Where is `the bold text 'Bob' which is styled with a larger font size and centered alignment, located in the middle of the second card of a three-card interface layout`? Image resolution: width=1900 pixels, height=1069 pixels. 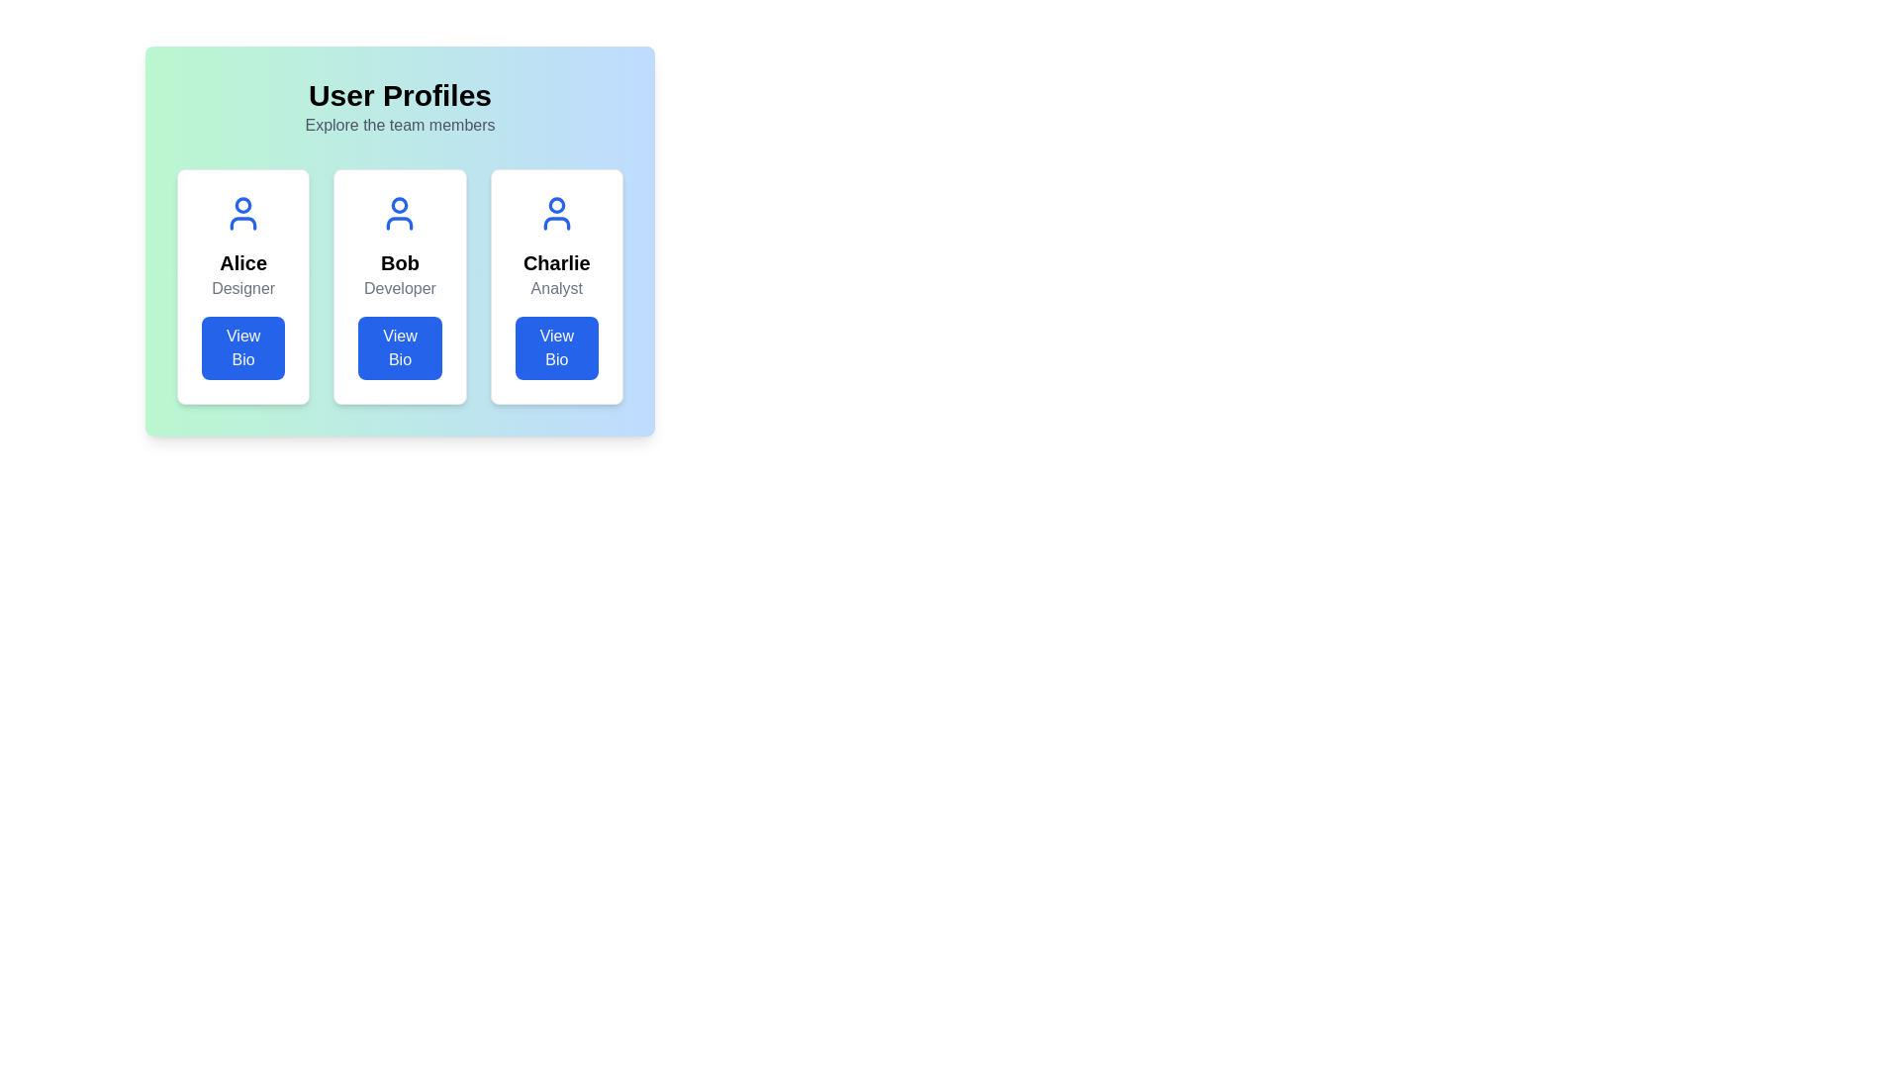 the bold text 'Bob' which is styled with a larger font size and centered alignment, located in the middle of the second card of a three-card interface layout is located at coordinates (399, 262).